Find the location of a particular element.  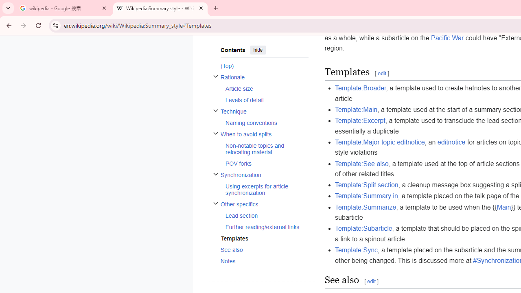

'Template:See also' is located at coordinates (361, 164).